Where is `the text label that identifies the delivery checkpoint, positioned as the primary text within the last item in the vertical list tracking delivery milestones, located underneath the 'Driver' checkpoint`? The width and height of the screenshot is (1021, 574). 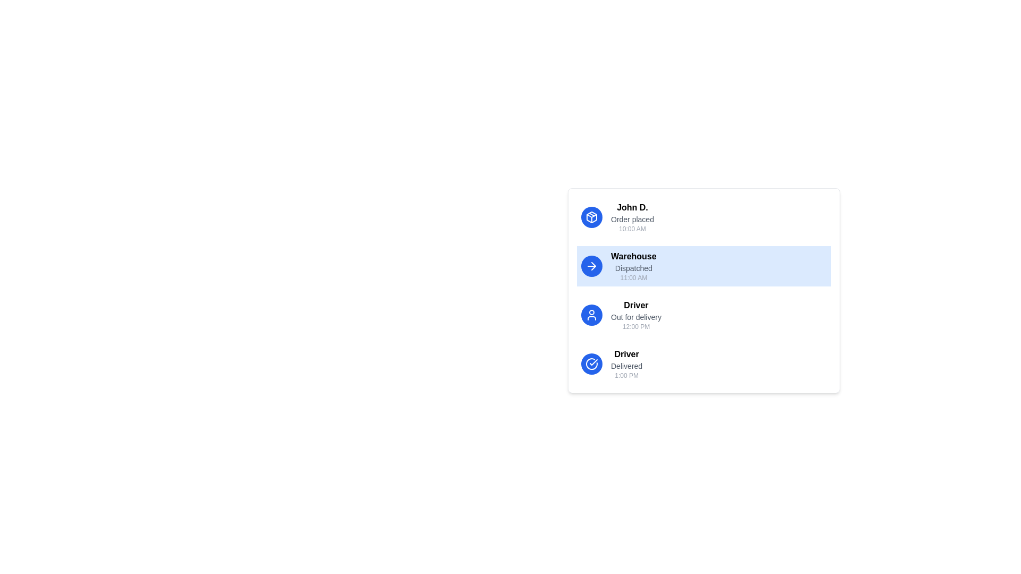
the text label that identifies the delivery checkpoint, positioned as the primary text within the last item in the vertical list tracking delivery milestones, located underneath the 'Driver' checkpoint is located at coordinates (626, 354).